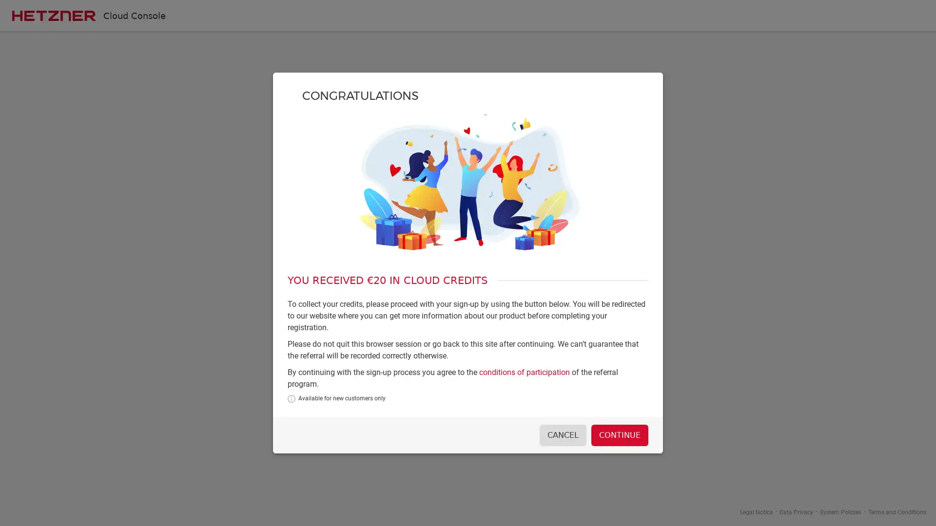 Image resolution: width=936 pixels, height=526 pixels. Describe the element at coordinates (561, 434) in the screenshot. I see `CANCEL` at that location.